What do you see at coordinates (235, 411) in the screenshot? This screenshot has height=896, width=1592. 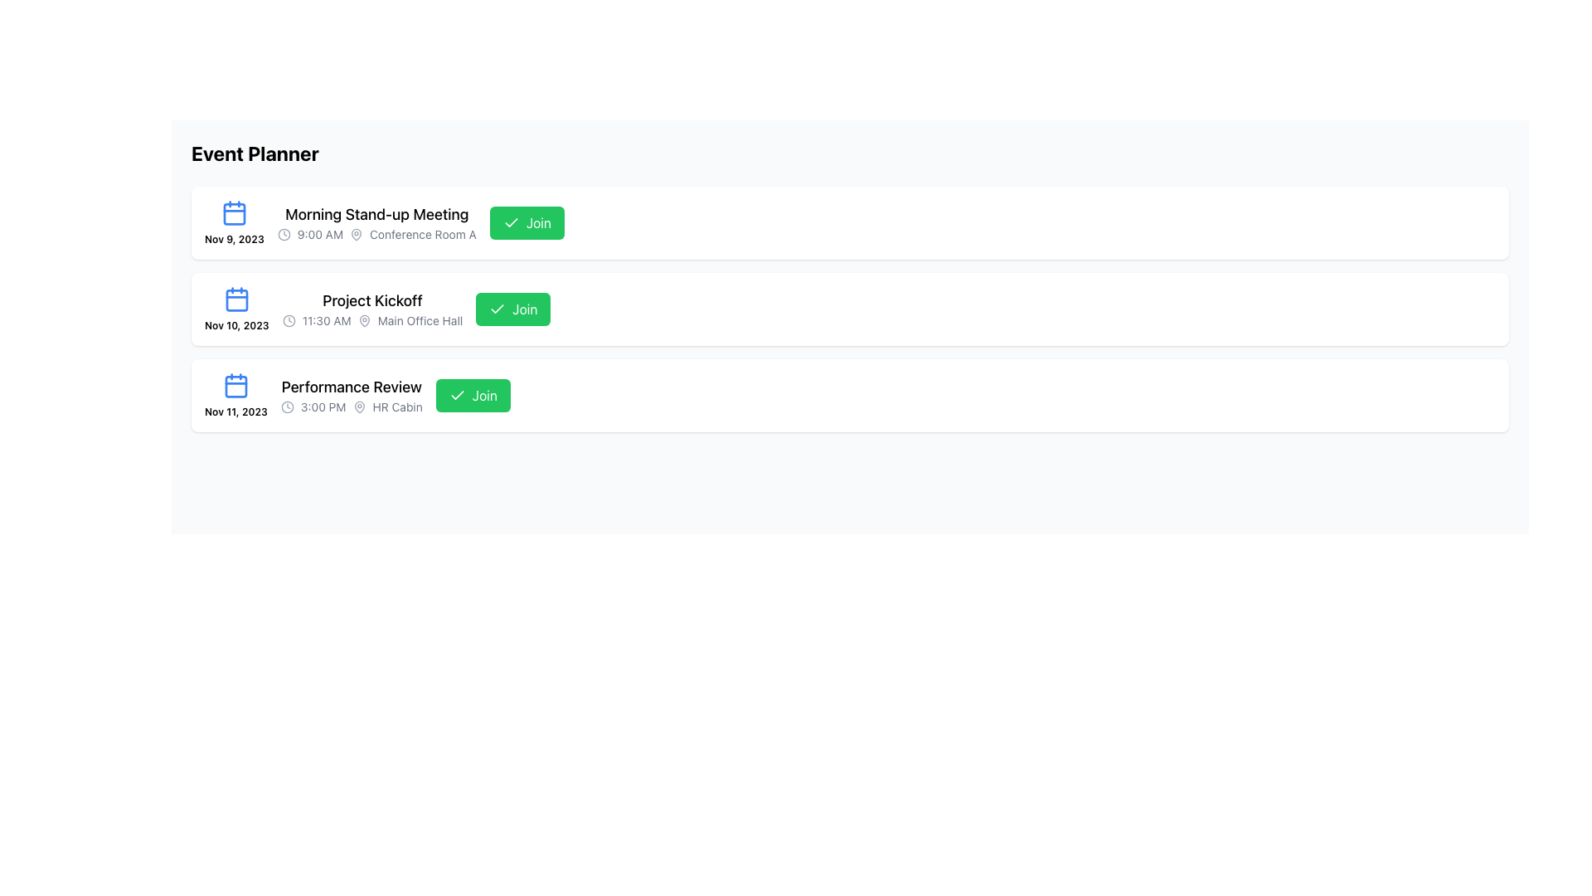 I see `the text element displaying the date 'Nov 11, 2023', which is styled in a small bold font and positioned below the calendar icon in the 'Performance Review' entry` at bounding box center [235, 411].